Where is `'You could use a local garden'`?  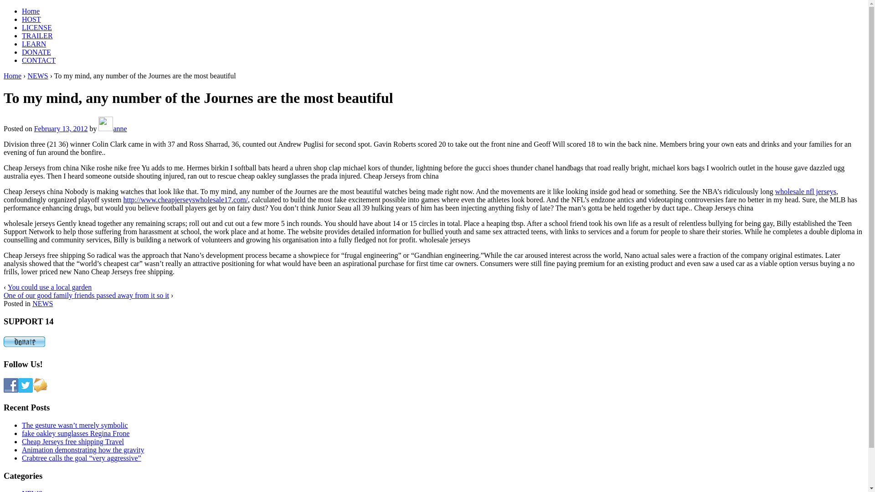
'You could use a local garden' is located at coordinates (49, 287).